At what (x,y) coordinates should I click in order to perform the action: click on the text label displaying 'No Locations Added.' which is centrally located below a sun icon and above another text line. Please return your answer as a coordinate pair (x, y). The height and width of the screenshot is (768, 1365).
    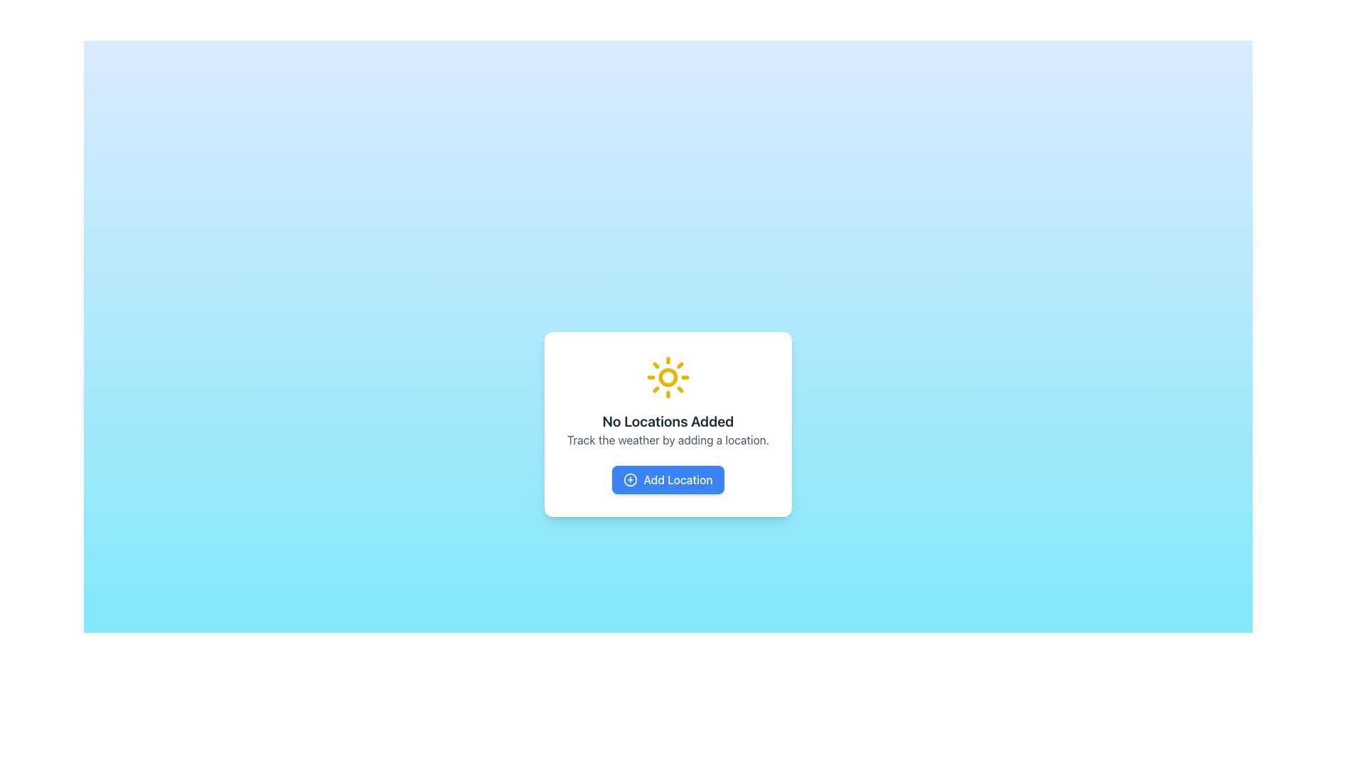
    Looking at the image, I should click on (668, 421).